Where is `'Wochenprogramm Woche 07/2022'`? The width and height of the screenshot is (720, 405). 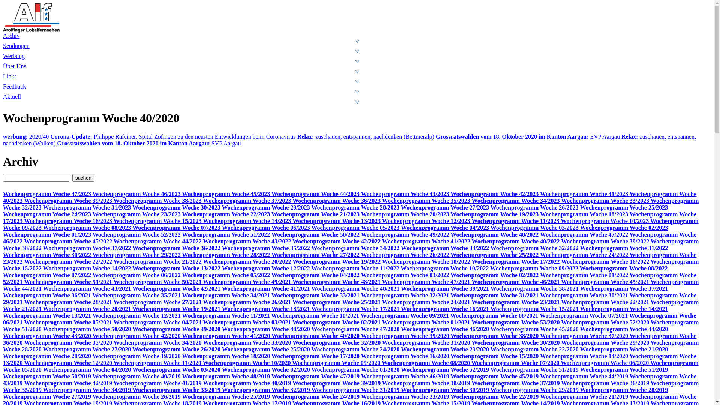 'Wochenprogramm Woche 07/2022' is located at coordinates (47, 275).